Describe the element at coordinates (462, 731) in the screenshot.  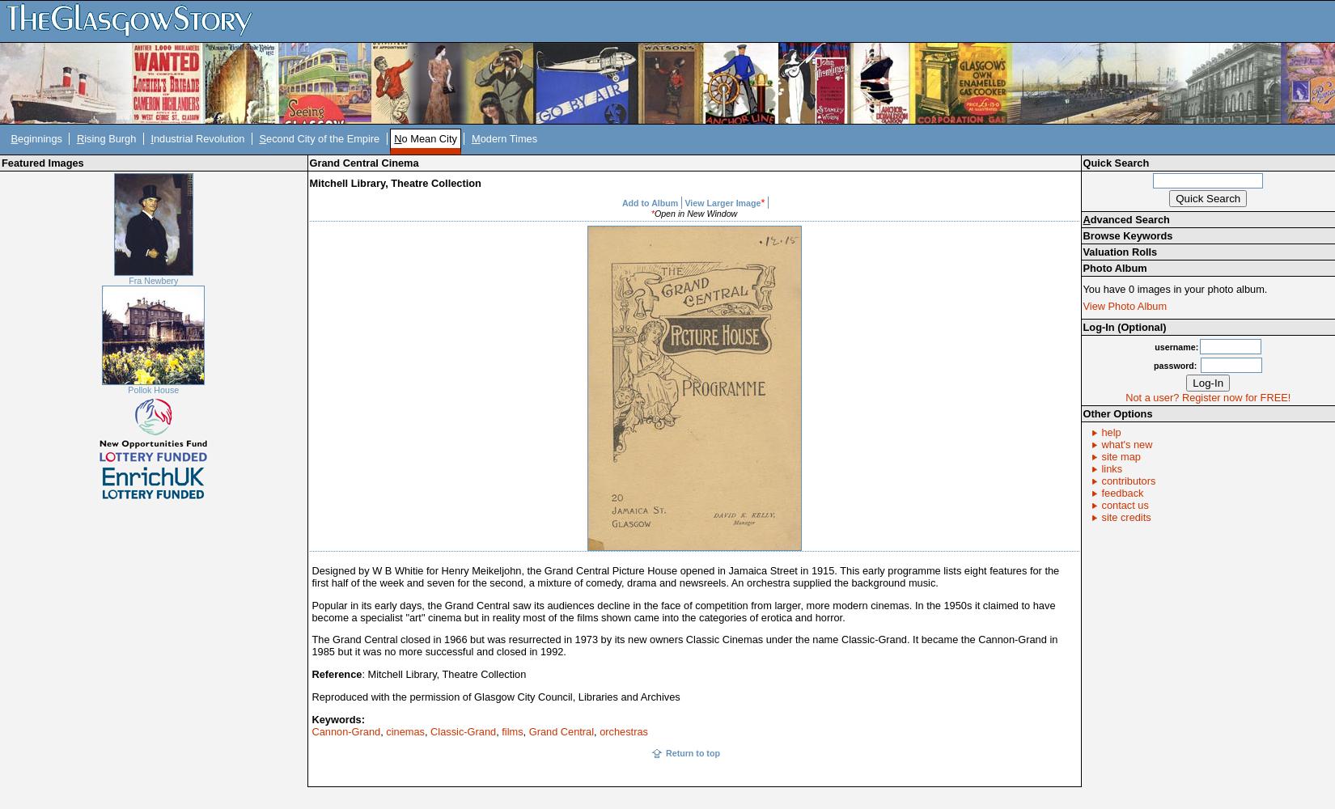
I see `'Classic-Grand'` at that location.